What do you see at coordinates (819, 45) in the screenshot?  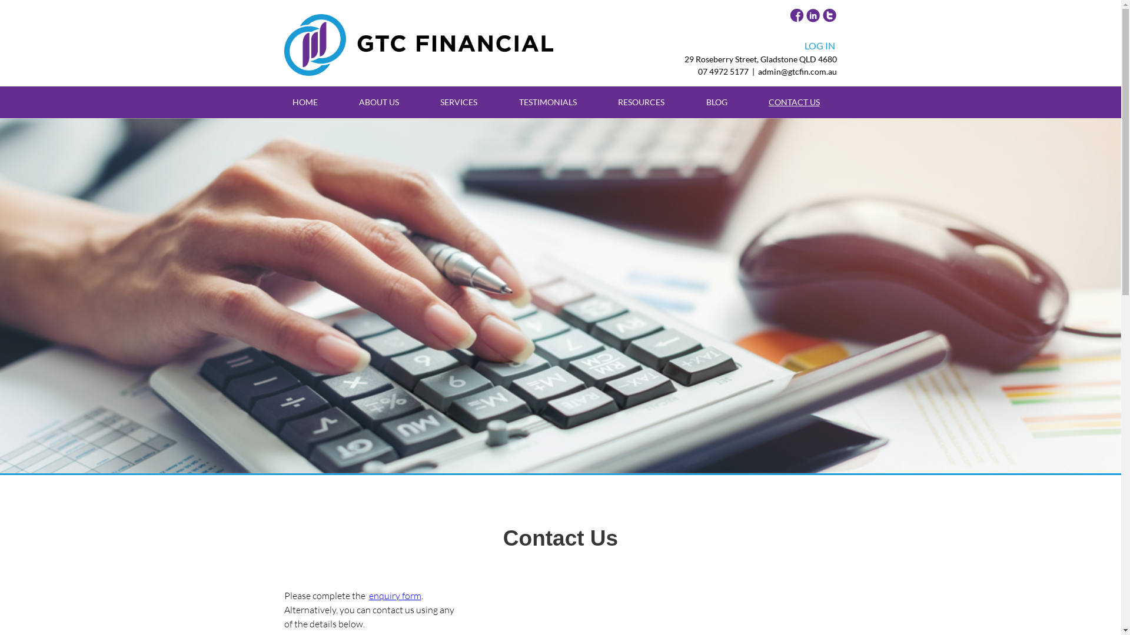 I see `'LOG IN'` at bounding box center [819, 45].